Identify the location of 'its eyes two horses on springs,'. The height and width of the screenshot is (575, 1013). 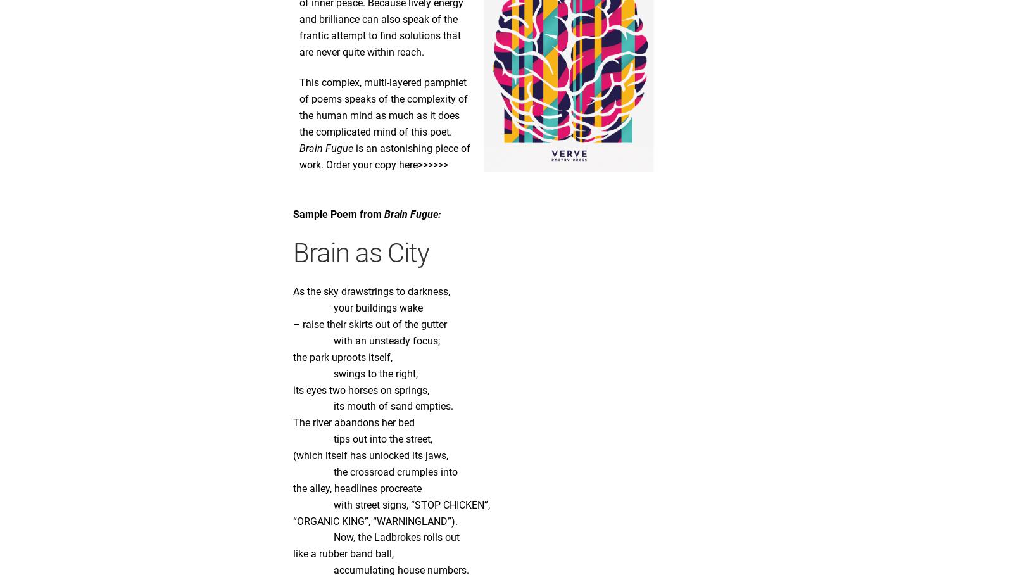
(360, 389).